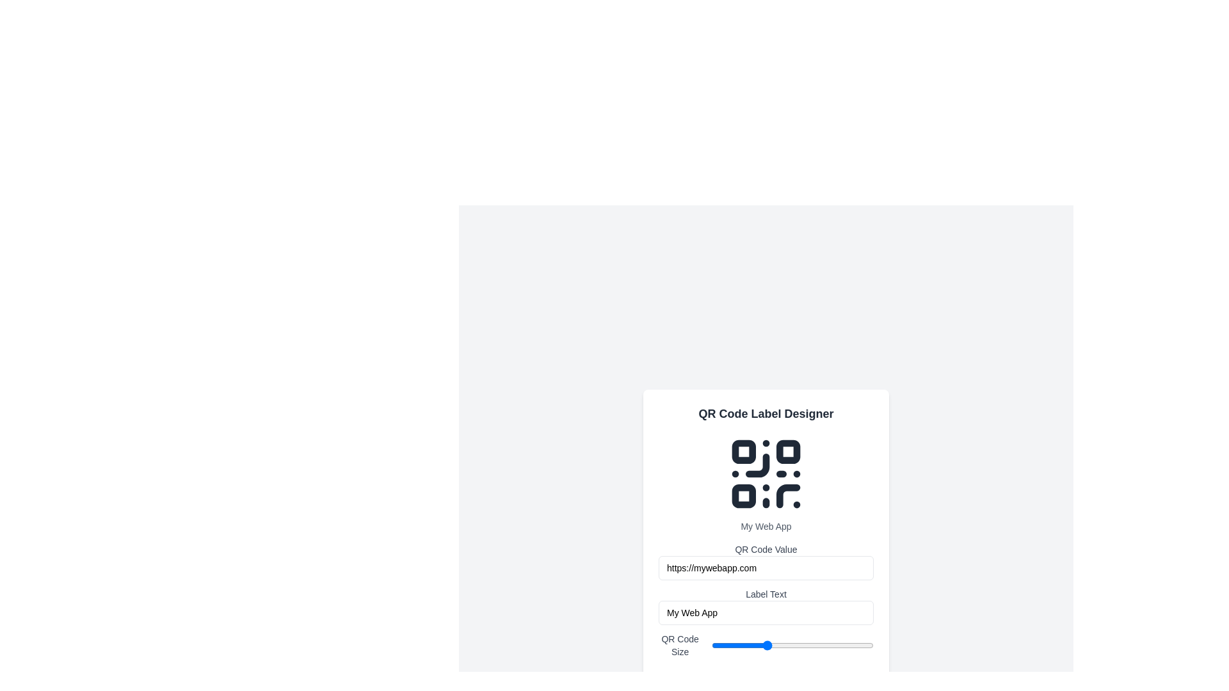  I want to click on the upper-left square of the QR code icon in the 'QR Code Label Designer' interface, which is a rounded rectangle component contributing to the QR code pattern, so click(744, 451).